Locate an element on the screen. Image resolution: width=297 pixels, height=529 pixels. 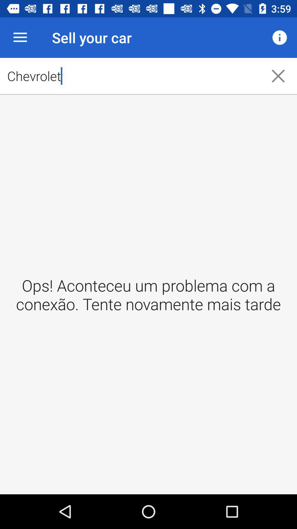
the close icon is located at coordinates (278, 75).